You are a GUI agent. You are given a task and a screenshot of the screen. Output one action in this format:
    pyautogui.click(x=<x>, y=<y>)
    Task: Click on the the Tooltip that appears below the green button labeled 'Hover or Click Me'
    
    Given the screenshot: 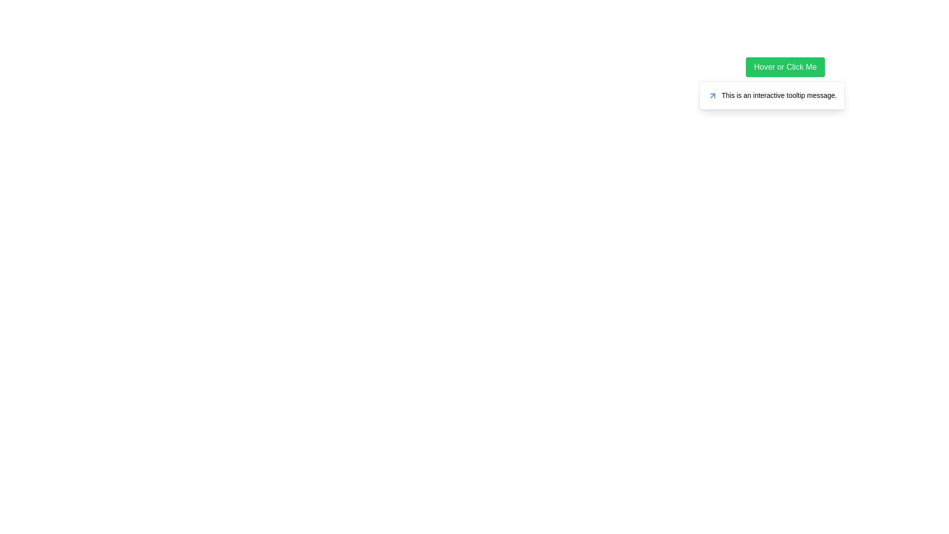 What is the action you would take?
    pyautogui.click(x=772, y=95)
    